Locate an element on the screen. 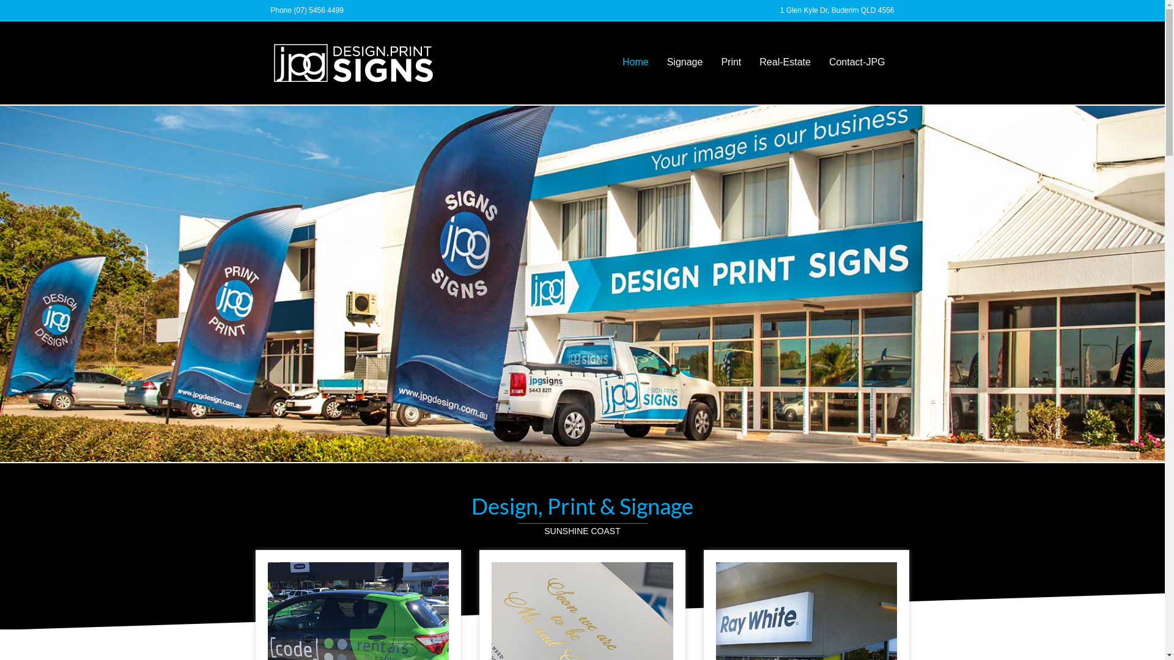  'Signage' is located at coordinates (685, 62).